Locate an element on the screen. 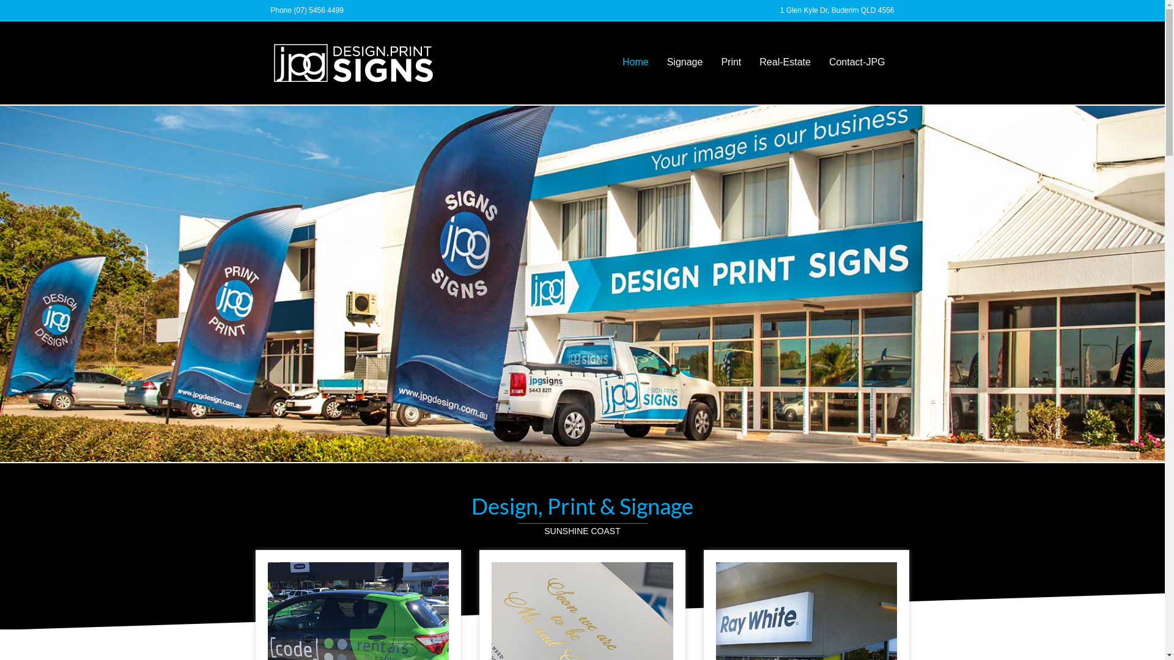  'Signage' is located at coordinates (685, 62).